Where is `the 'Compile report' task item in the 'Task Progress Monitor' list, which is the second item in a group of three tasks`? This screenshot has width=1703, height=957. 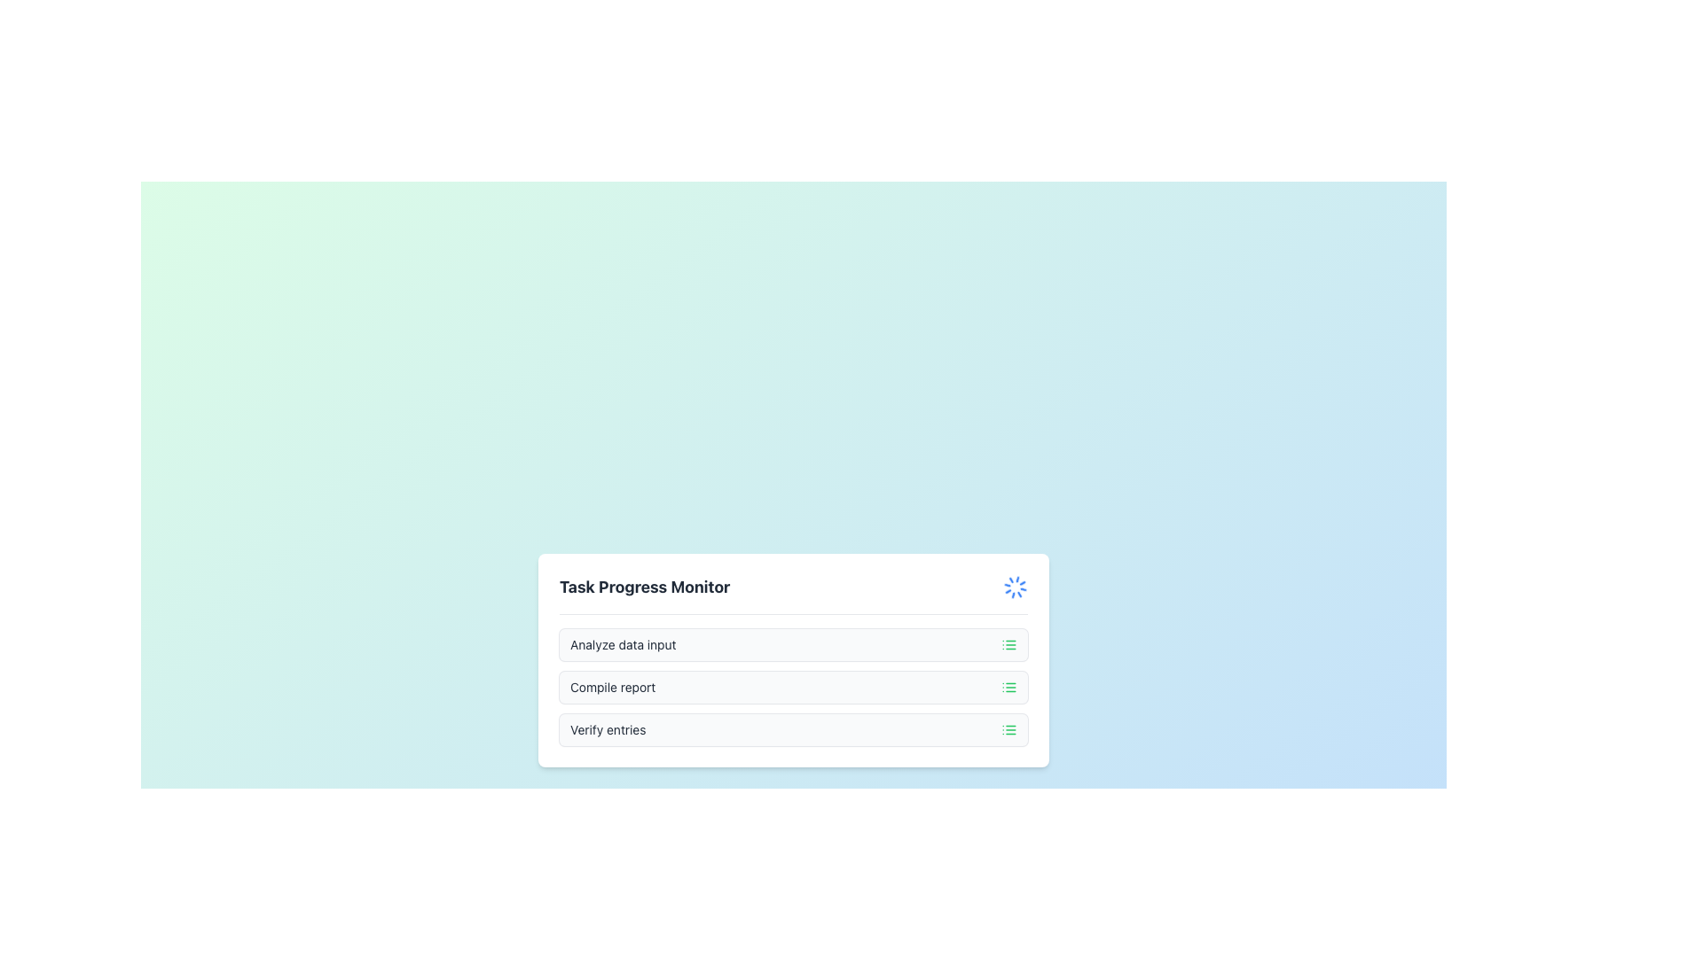 the 'Compile report' task item in the 'Task Progress Monitor' list, which is the second item in a group of three tasks is located at coordinates (792, 686).